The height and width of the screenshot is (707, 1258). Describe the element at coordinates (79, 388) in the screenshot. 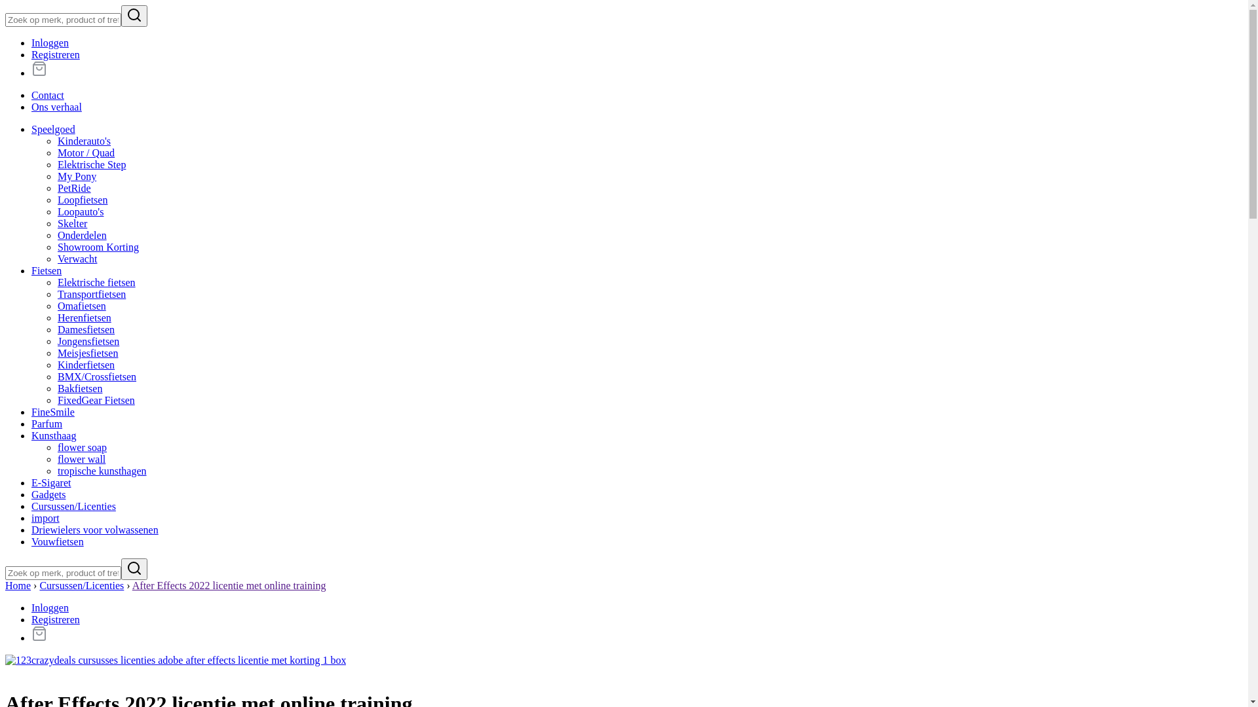

I see `'Bakfietsen'` at that location.